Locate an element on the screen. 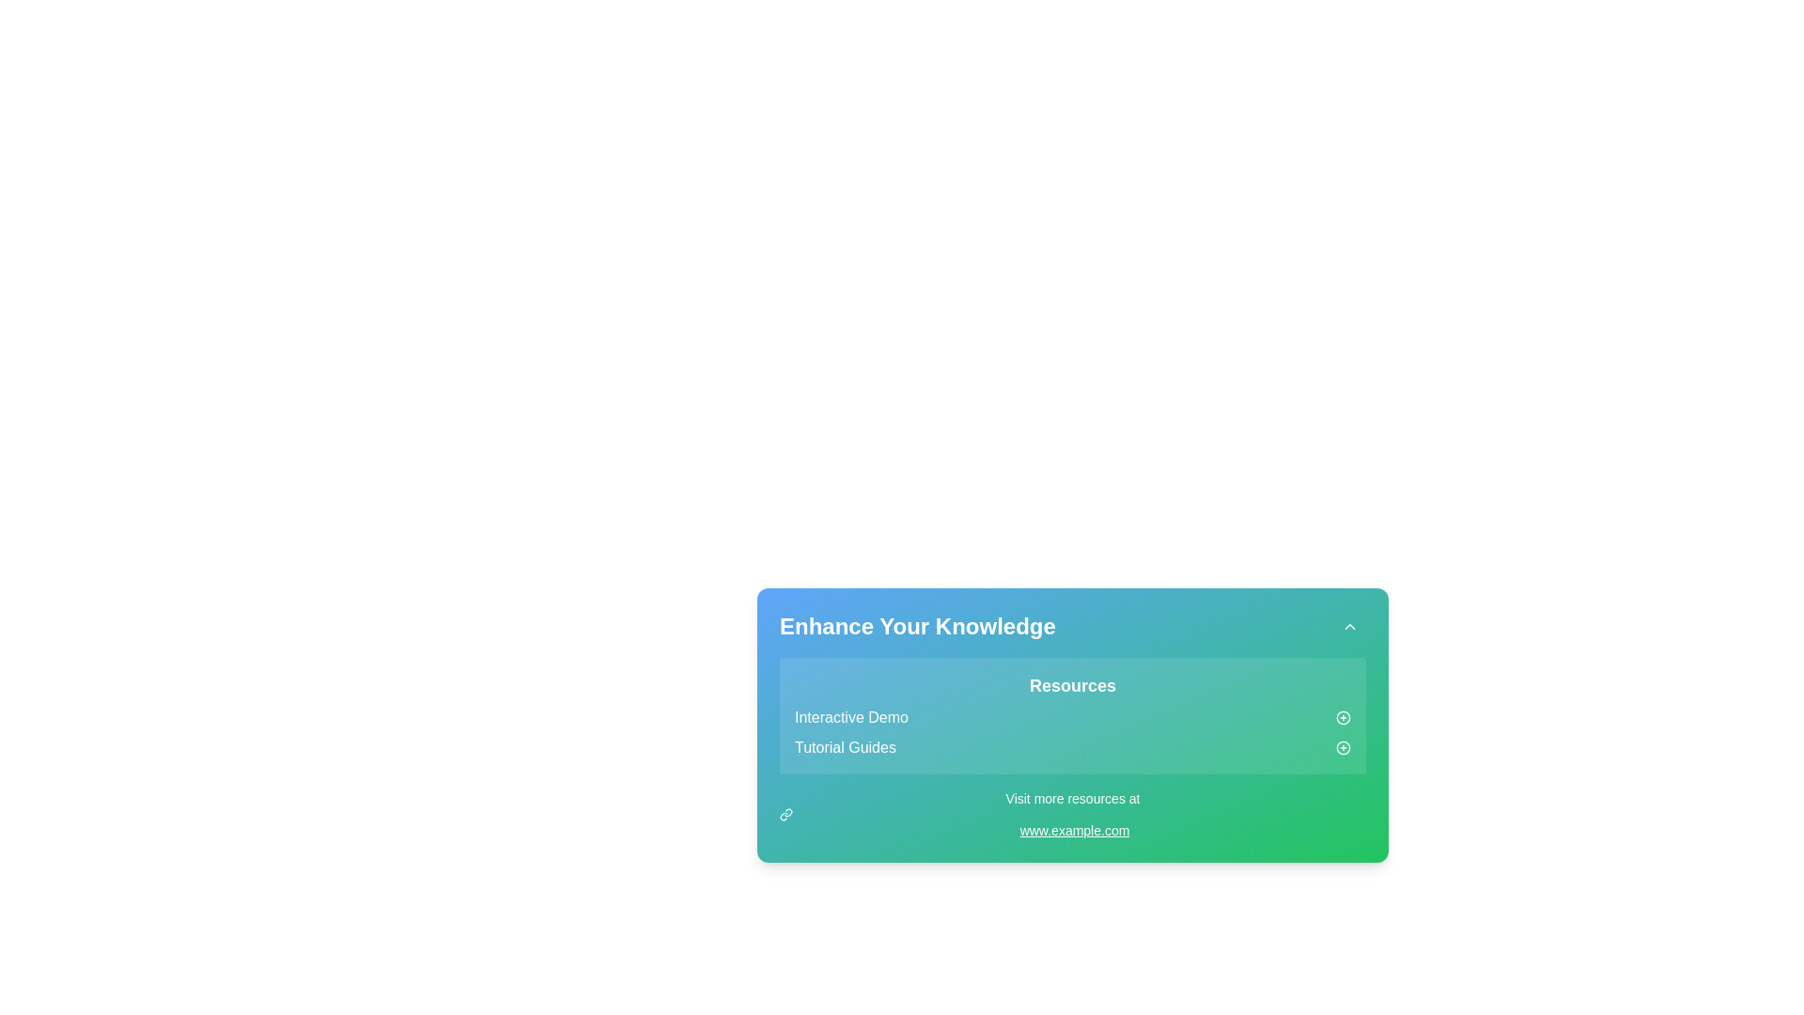  the hyperlink 'www.example.com' located at the bottom-right section of the card titled 'Enhance Your Knowledge', following the phrase 'Visit more resources at' is located at coordinates (1074, 829).